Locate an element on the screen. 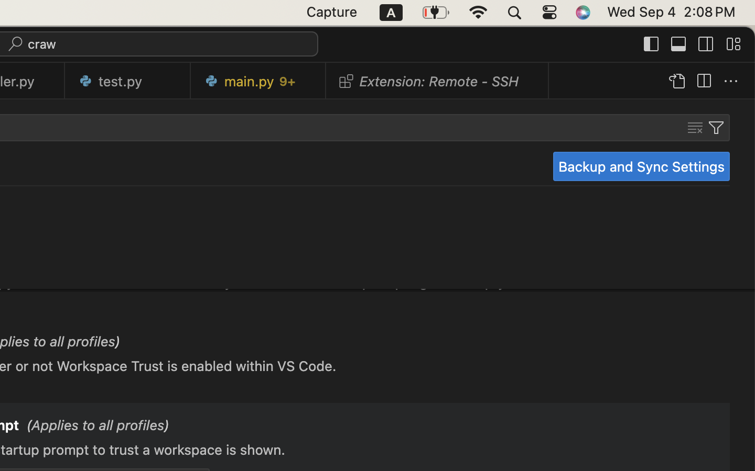  '0 main.py   9+' is located at coordinates (258, 81).